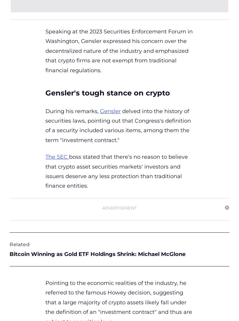 Image resolution: width=239 pixels, height=321 pixels. I want to click on 'Gensler's tough stance on crypto', so click(109, 92).